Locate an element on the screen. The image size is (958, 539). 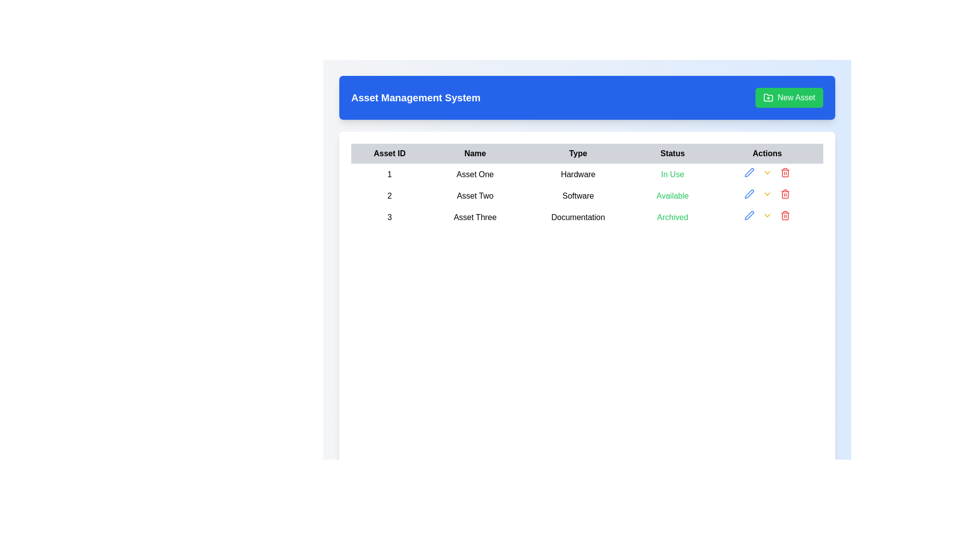
the text label displaying 'In Use' in green, located in the 'Status' column of the table for 'Asset One' is located at coordinates (673, 174).